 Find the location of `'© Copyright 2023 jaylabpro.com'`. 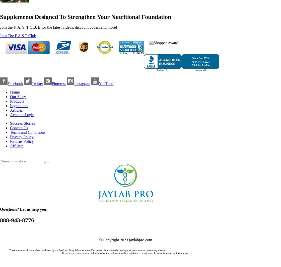

'© Copyright 2023 jaylabpro.com' is located at coordinates (125, 239).